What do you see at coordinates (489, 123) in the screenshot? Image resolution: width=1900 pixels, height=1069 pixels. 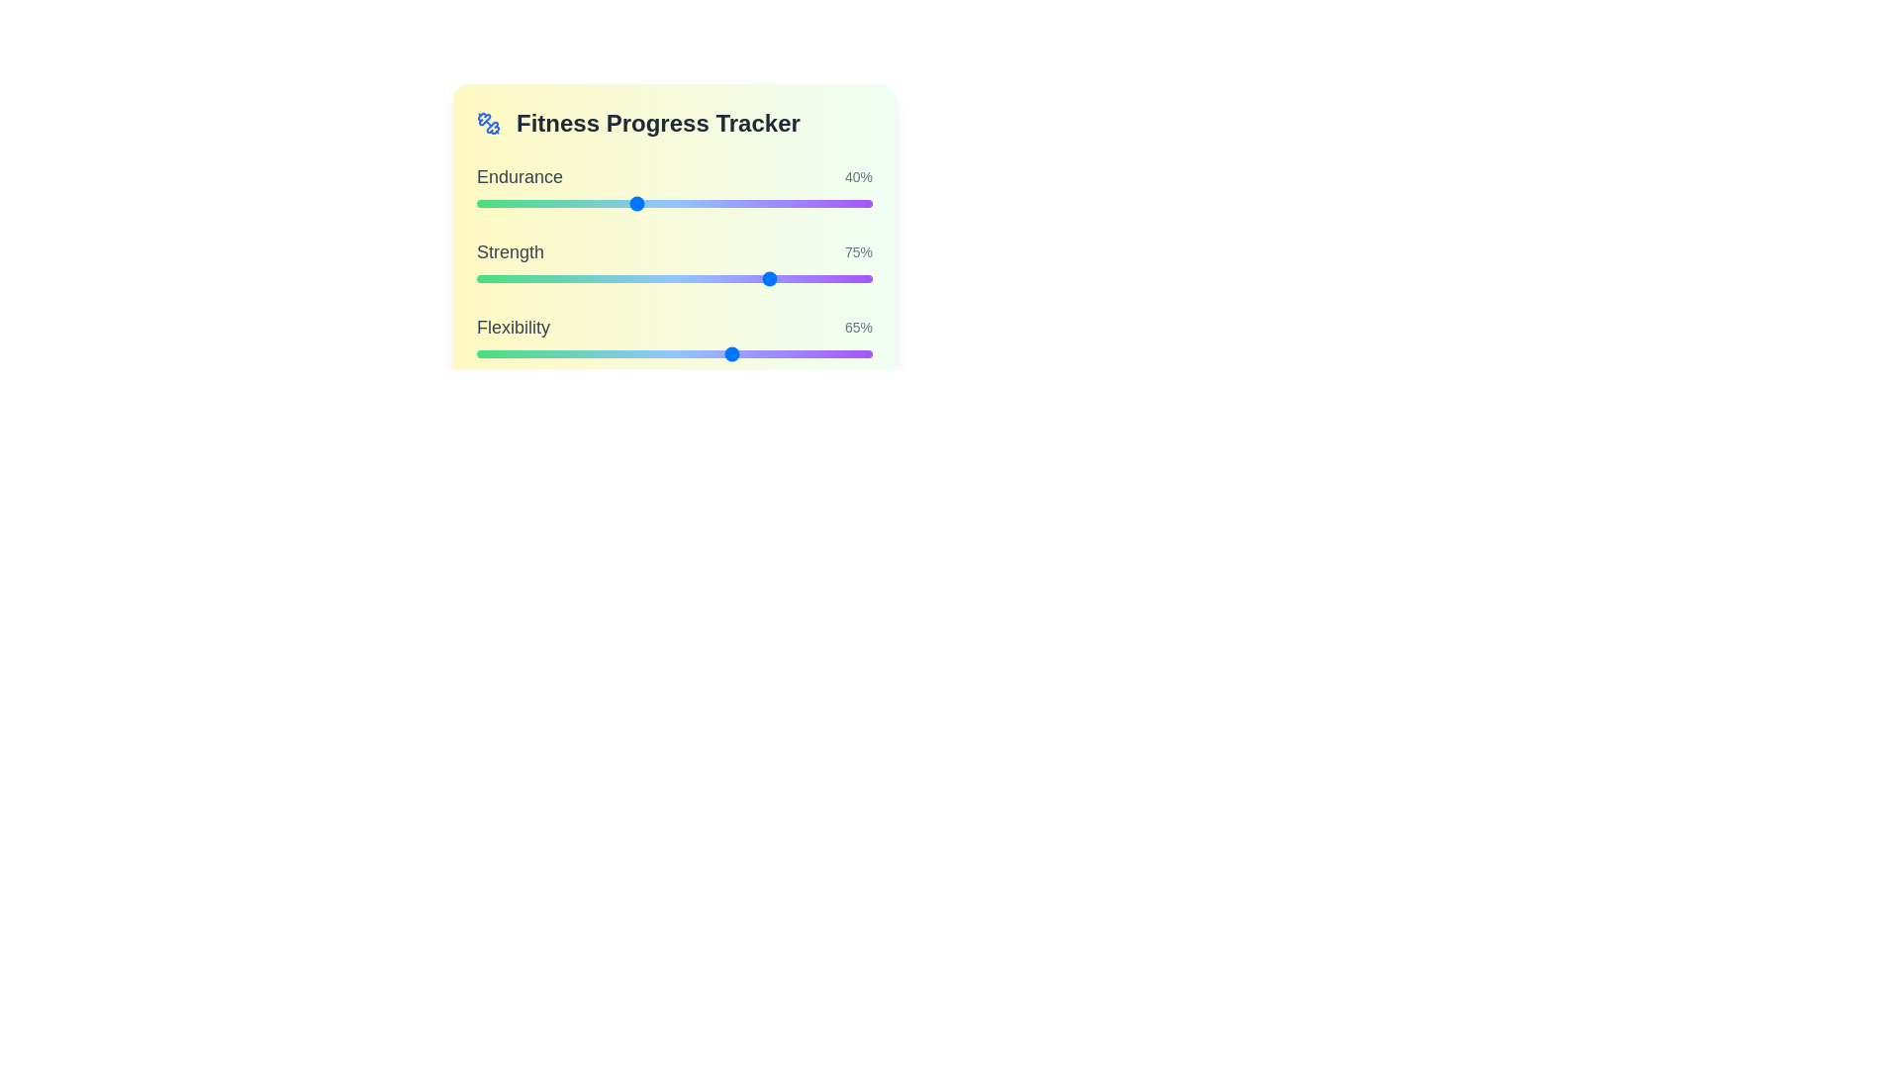 I see `the blue dumbbell icon located in the header section, next to the 'Fitness Progress Tracker' text` at bounding box center [489, 123].